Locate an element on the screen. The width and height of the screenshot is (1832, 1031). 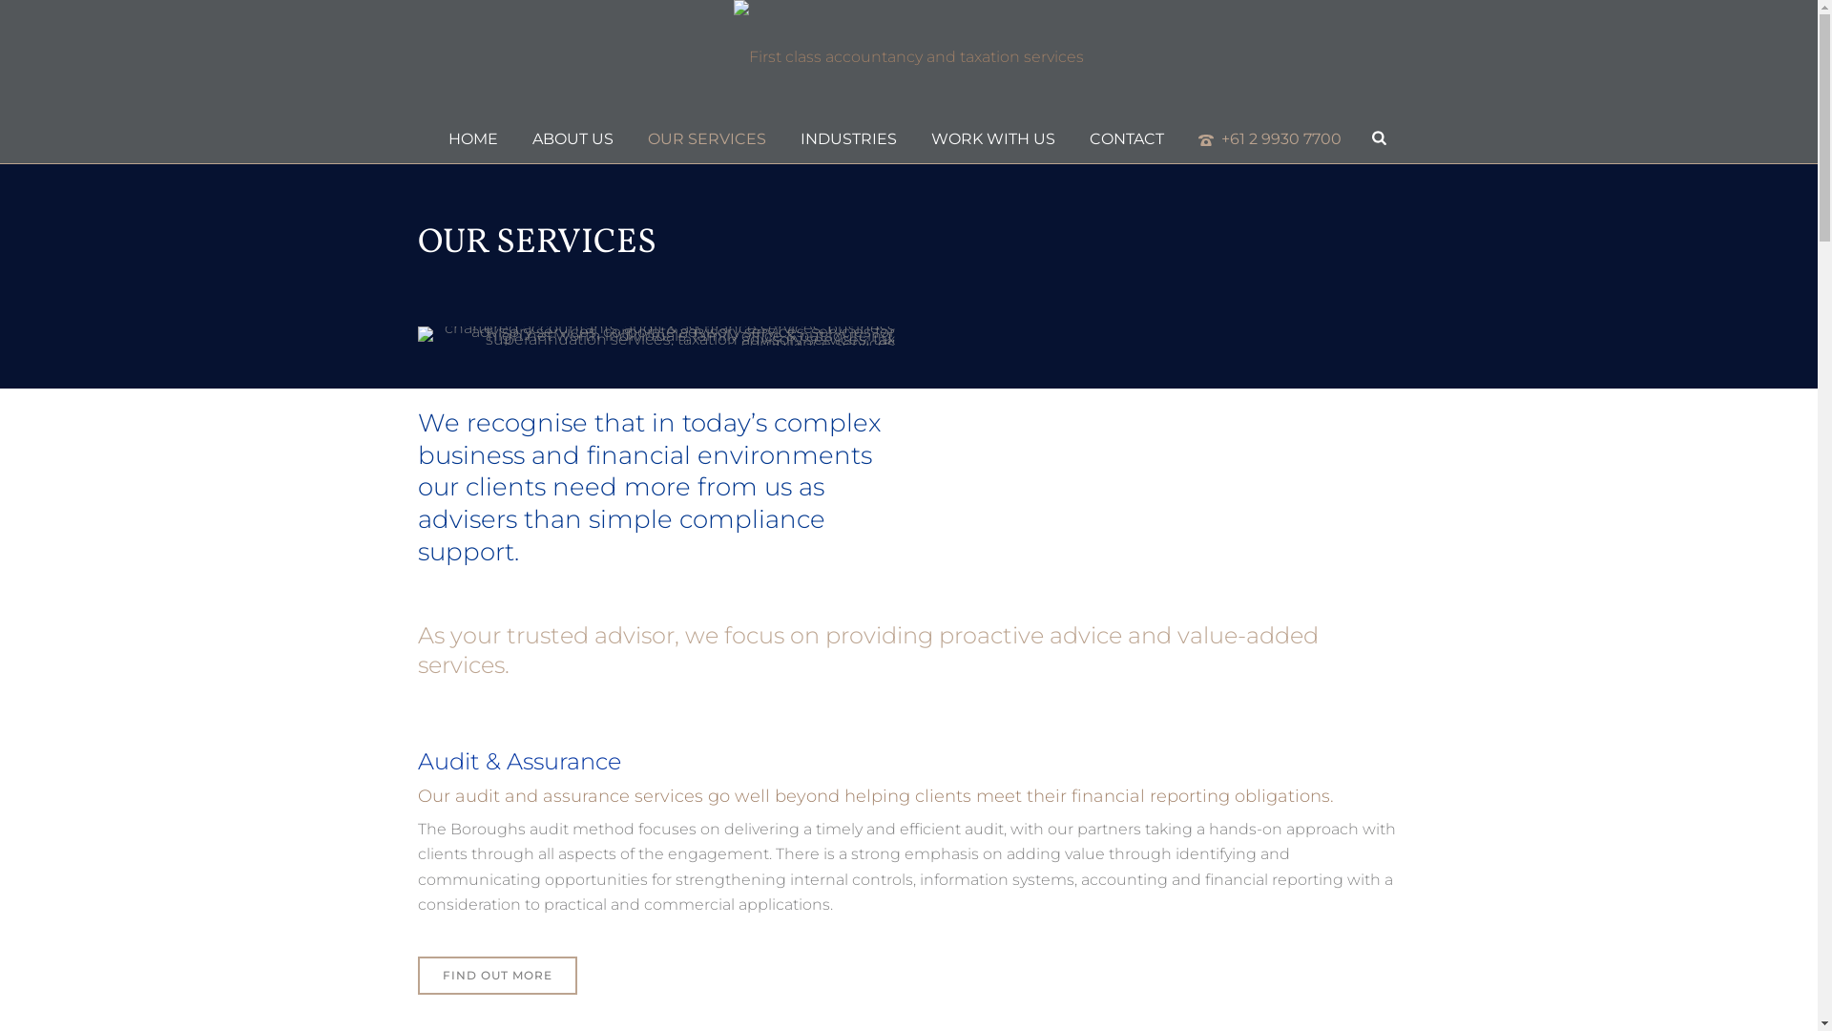
'CONTACT' is located at coordinates (1126, 137).